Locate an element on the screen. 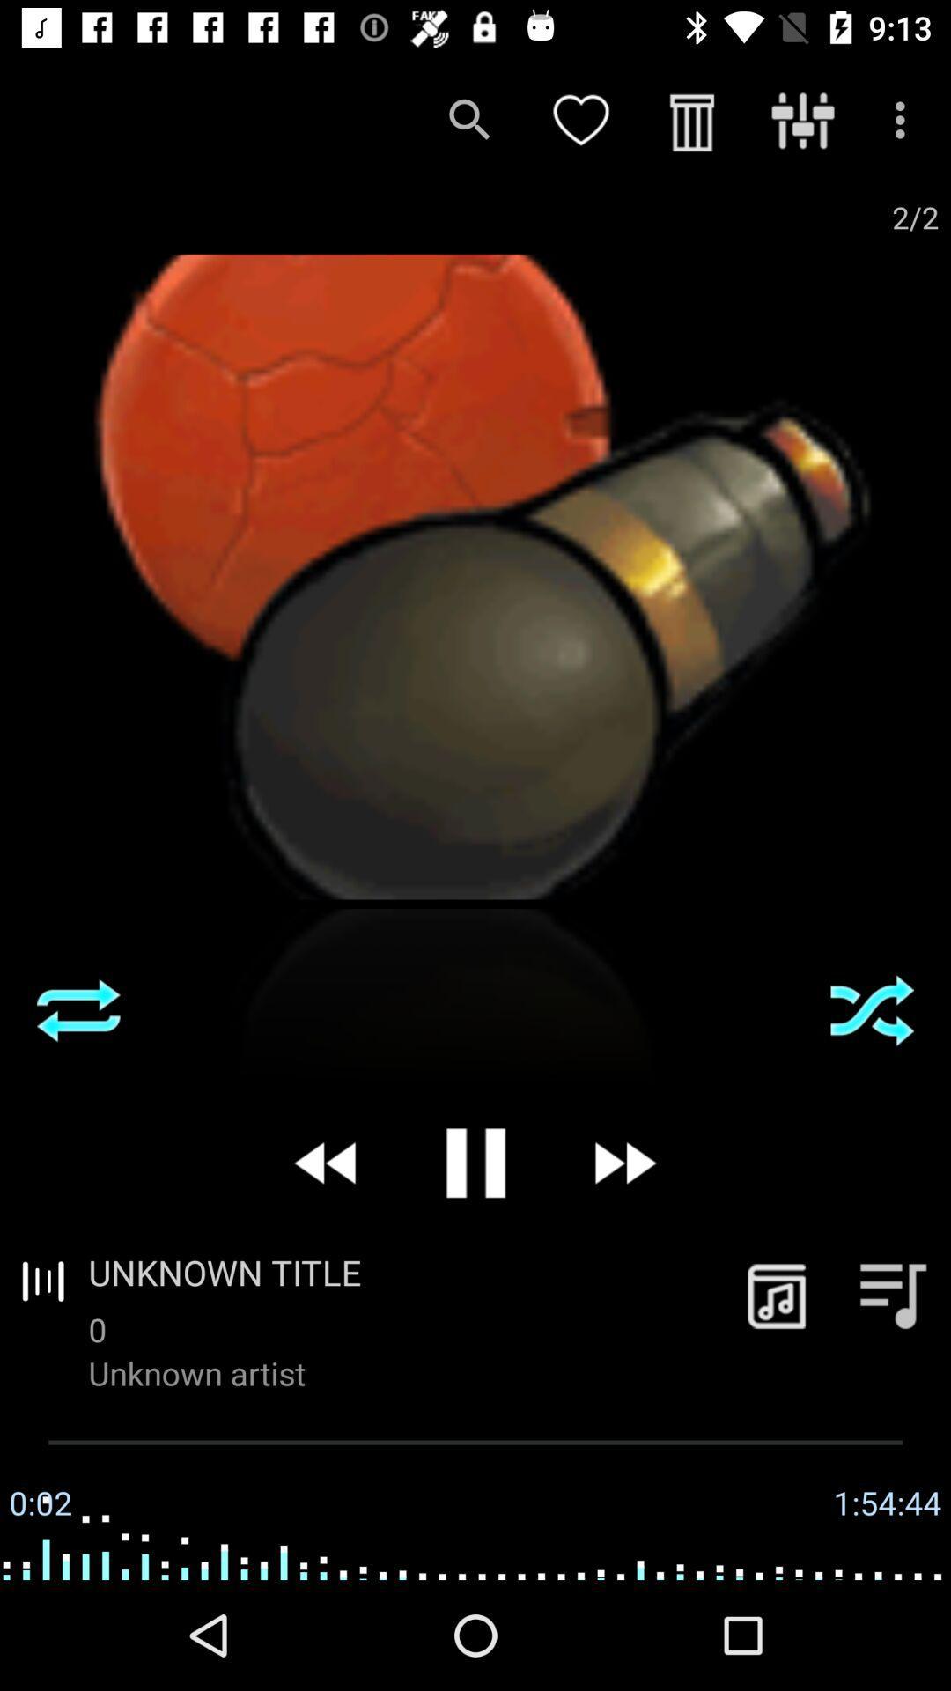 The width and height of the screenshot is (951, 1691). item above unknown title is located at coordinates (327, 1163).